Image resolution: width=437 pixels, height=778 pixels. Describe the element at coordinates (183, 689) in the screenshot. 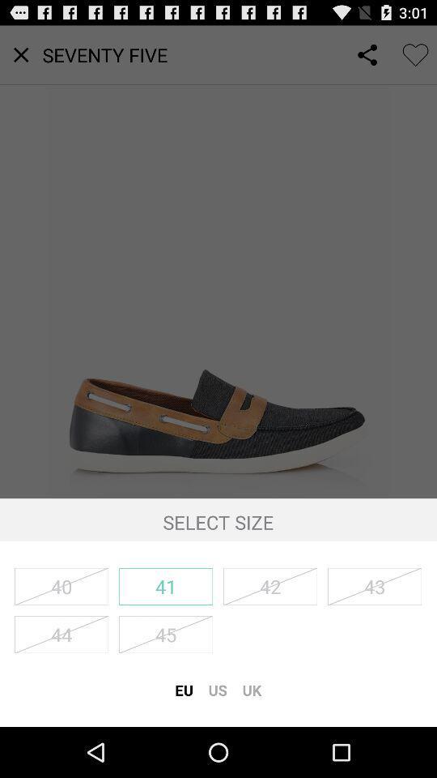

I see `eu` at that location.